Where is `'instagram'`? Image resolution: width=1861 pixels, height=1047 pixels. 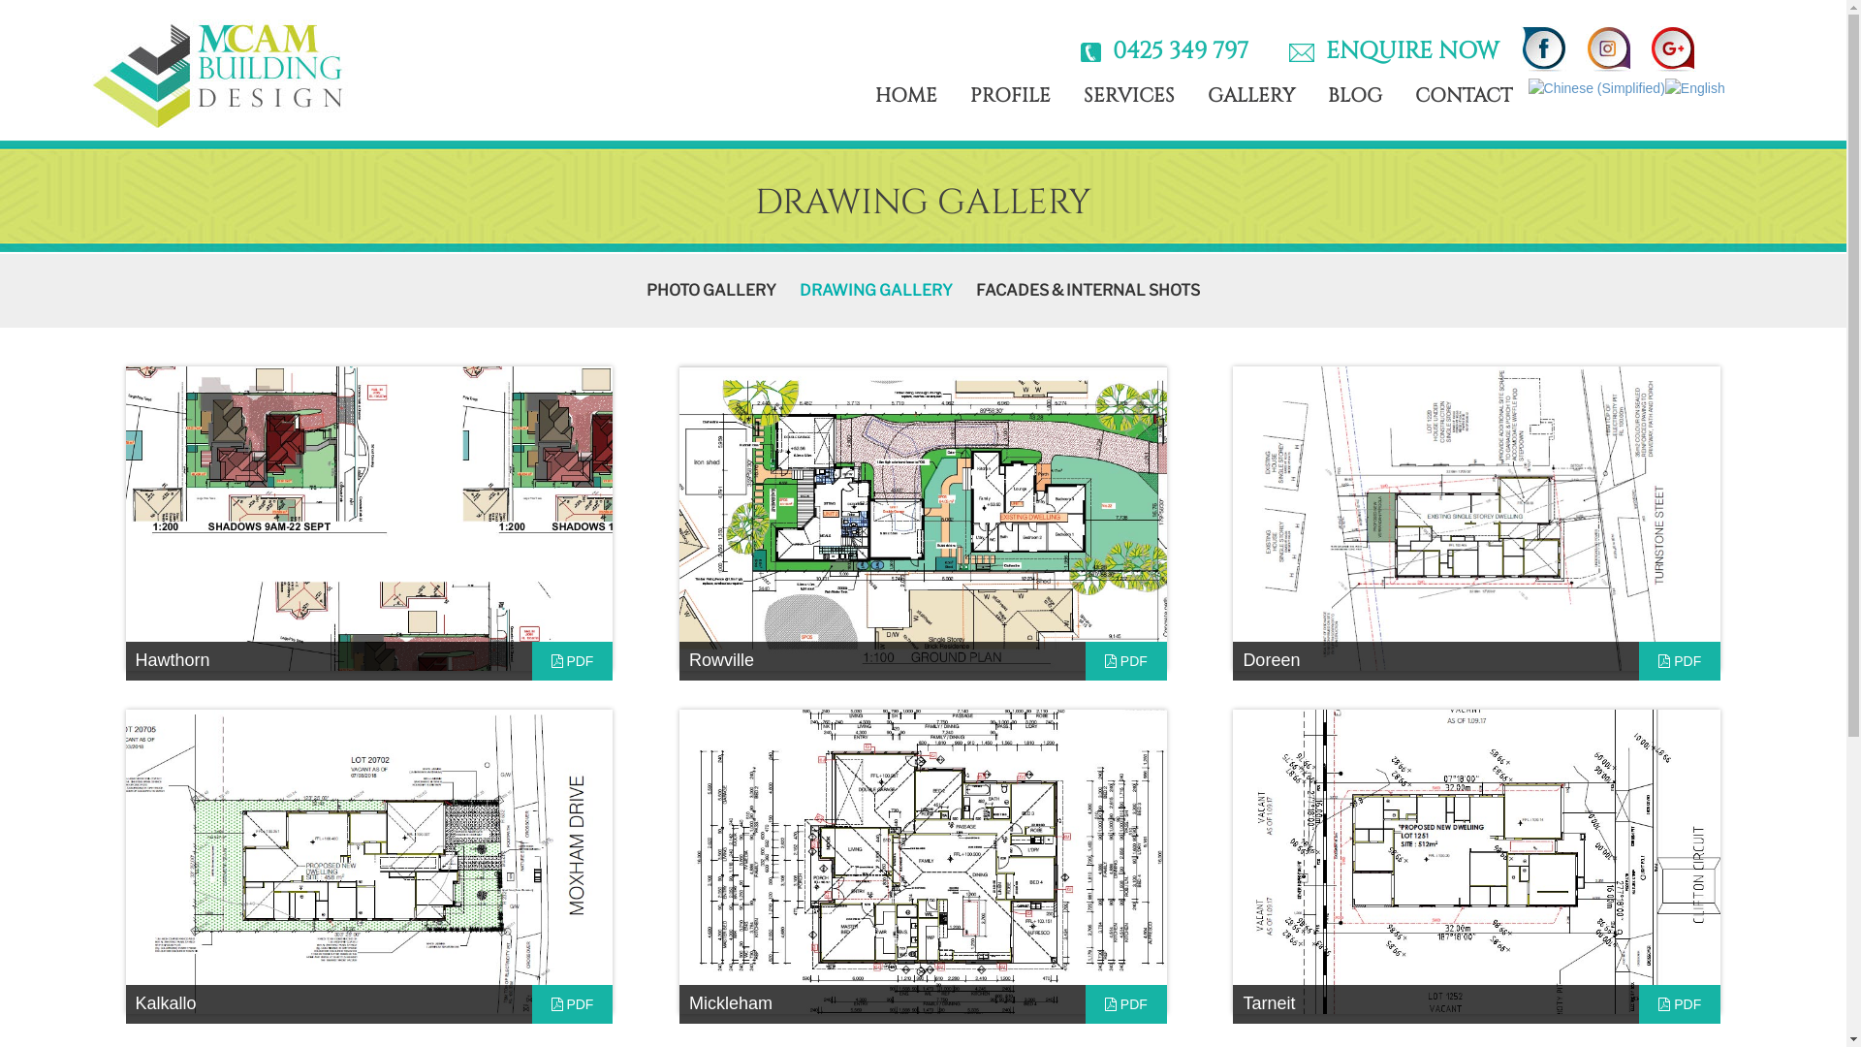
'instagram' is located at coordinates (1608, 48).